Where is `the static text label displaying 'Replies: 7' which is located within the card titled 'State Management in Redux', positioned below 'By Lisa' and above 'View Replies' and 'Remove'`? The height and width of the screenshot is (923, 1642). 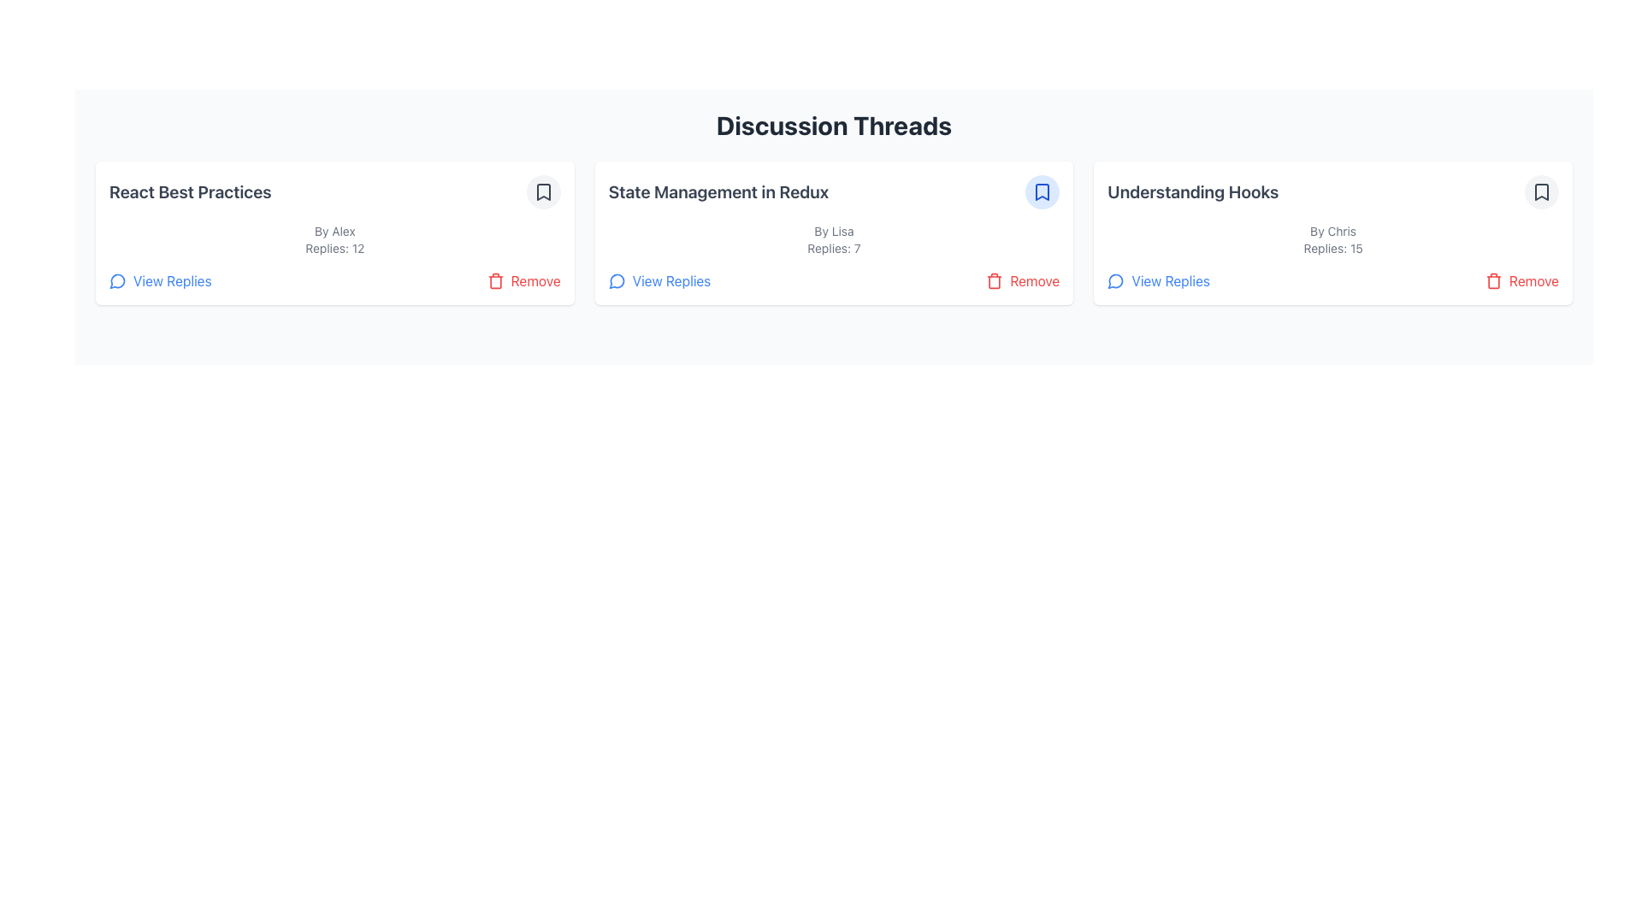 the static text label displaying 'Replies: 7' which is located within the card titled 'State Management in Redux', positioned below 'By Lisa' and above 'View Replies' and 'Remove' is located at coordinates (834, 248).